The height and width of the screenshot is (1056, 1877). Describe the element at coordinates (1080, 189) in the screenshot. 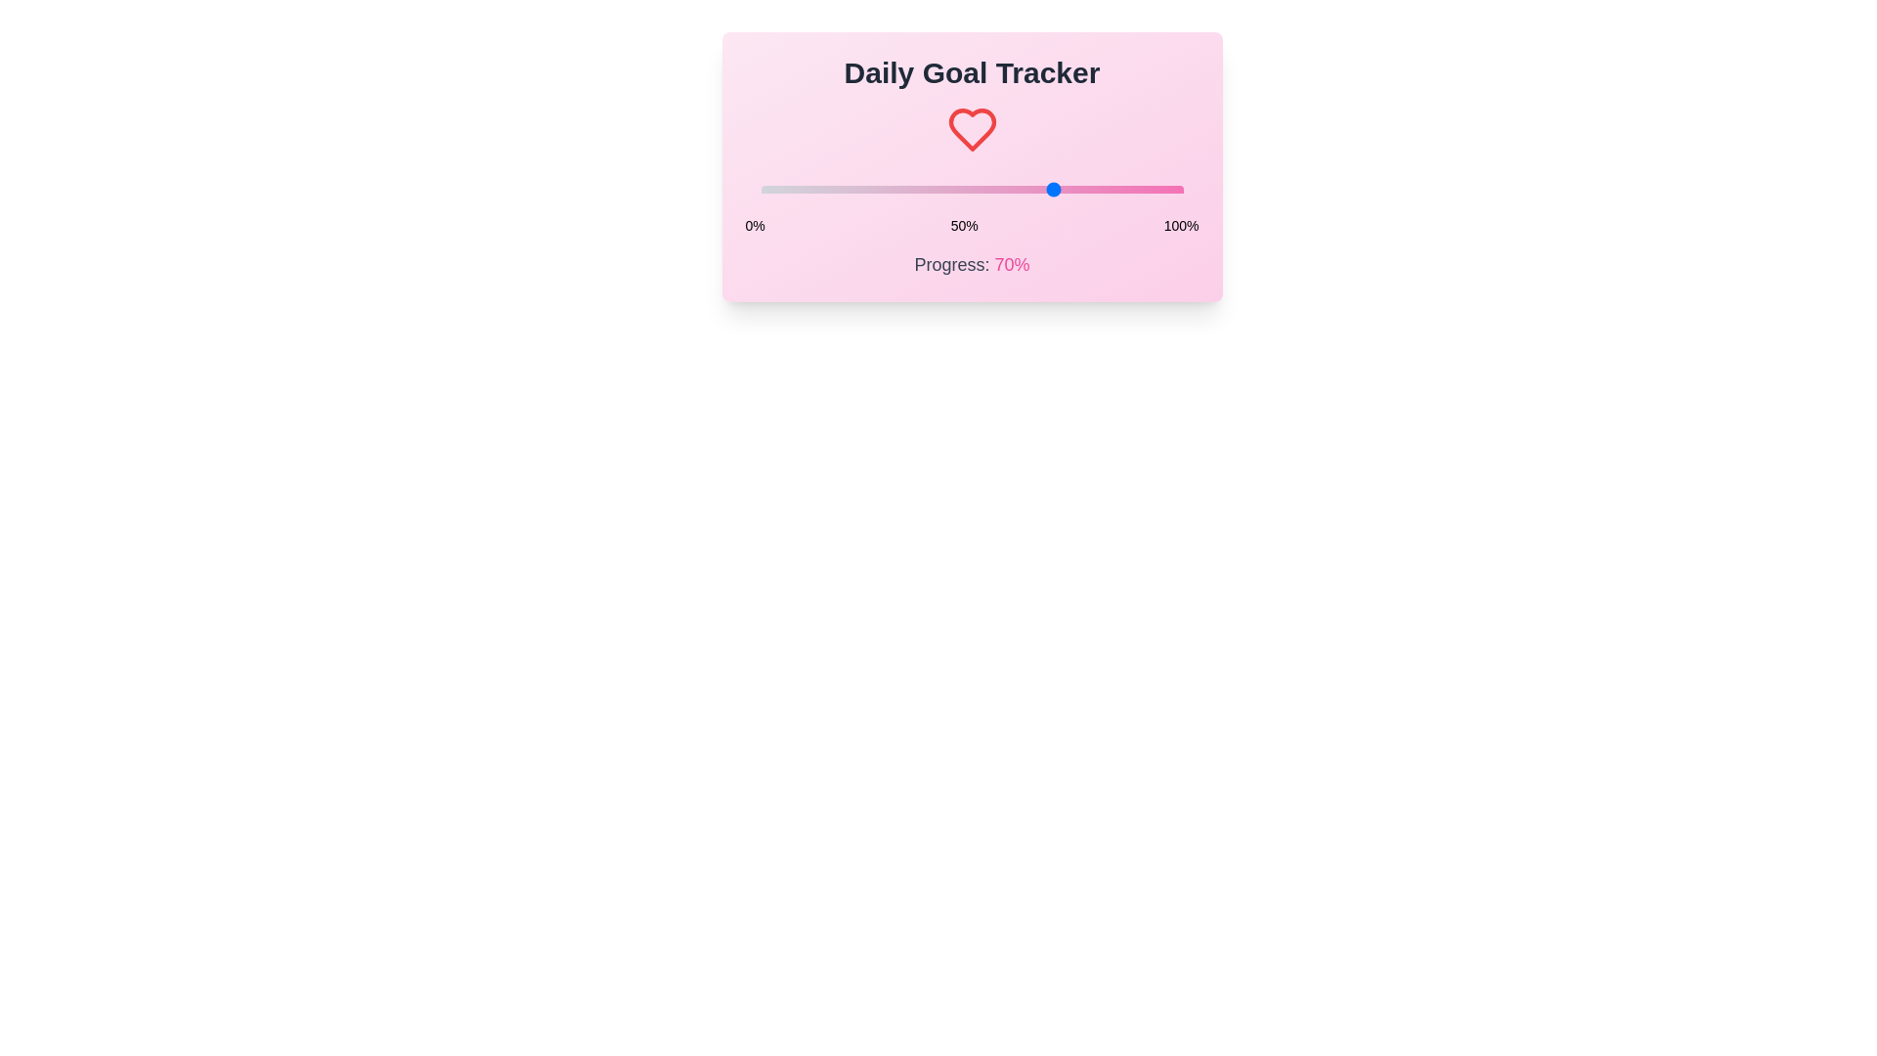

I see `the slider to set the progress to 76%` at that location.